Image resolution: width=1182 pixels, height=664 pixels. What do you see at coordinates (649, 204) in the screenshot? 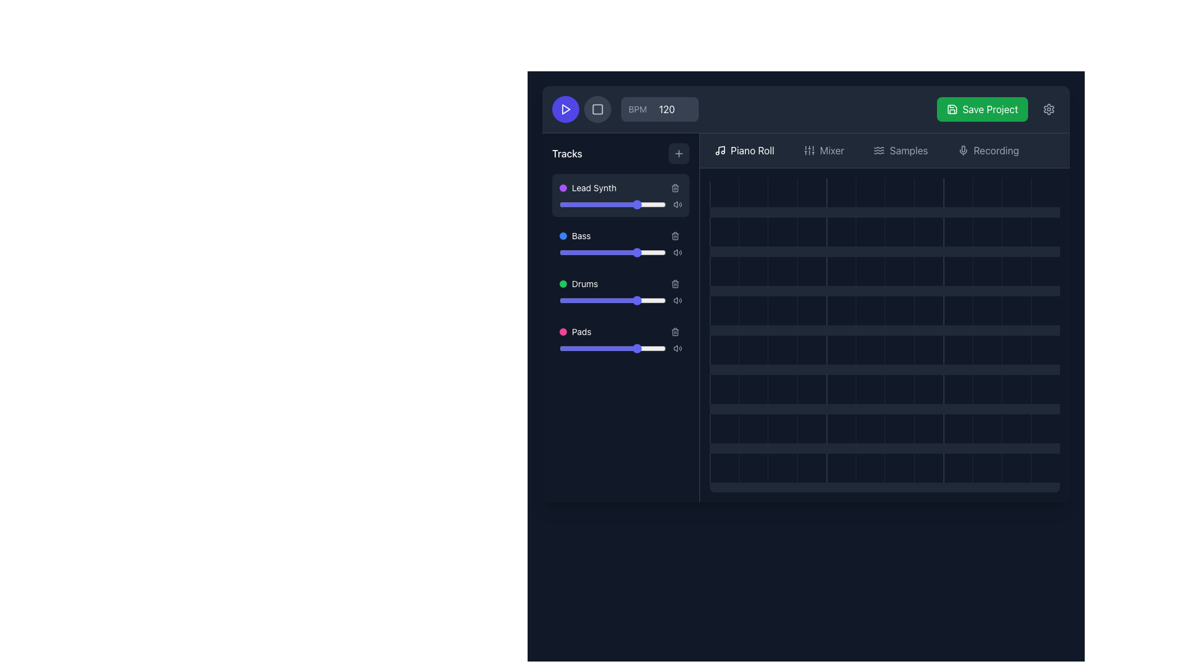
I see `the slider value` at bounding box center [649, 204].